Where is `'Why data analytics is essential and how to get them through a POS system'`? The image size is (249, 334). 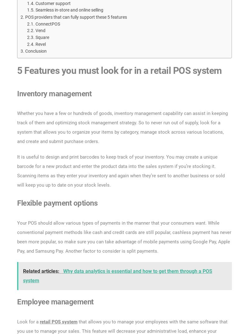
'Why data analytics is essential and how to get them through a POS system' is located at coordinates (117, 276).